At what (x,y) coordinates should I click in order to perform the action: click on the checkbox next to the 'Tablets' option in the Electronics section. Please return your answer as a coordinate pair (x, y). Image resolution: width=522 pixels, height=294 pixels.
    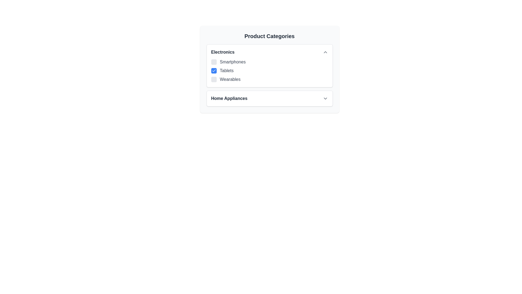
    Looking at the image, I should click on (269, 70).